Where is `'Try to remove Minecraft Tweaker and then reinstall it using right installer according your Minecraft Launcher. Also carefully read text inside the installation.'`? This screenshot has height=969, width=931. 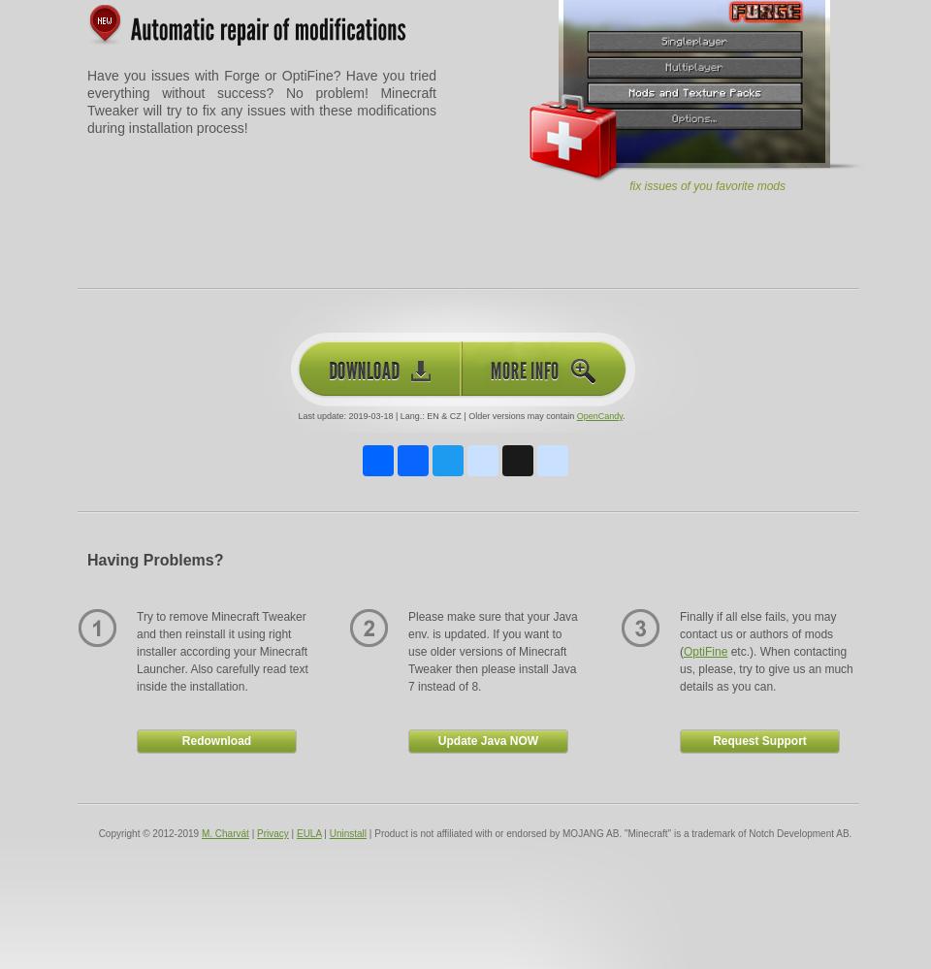 'Try to remove Minecraft Tweaker and then reinstall it using right installer according your Minecraft Launcher. Also carefully read text inside the installation.' is located at coordinates (221, 652).